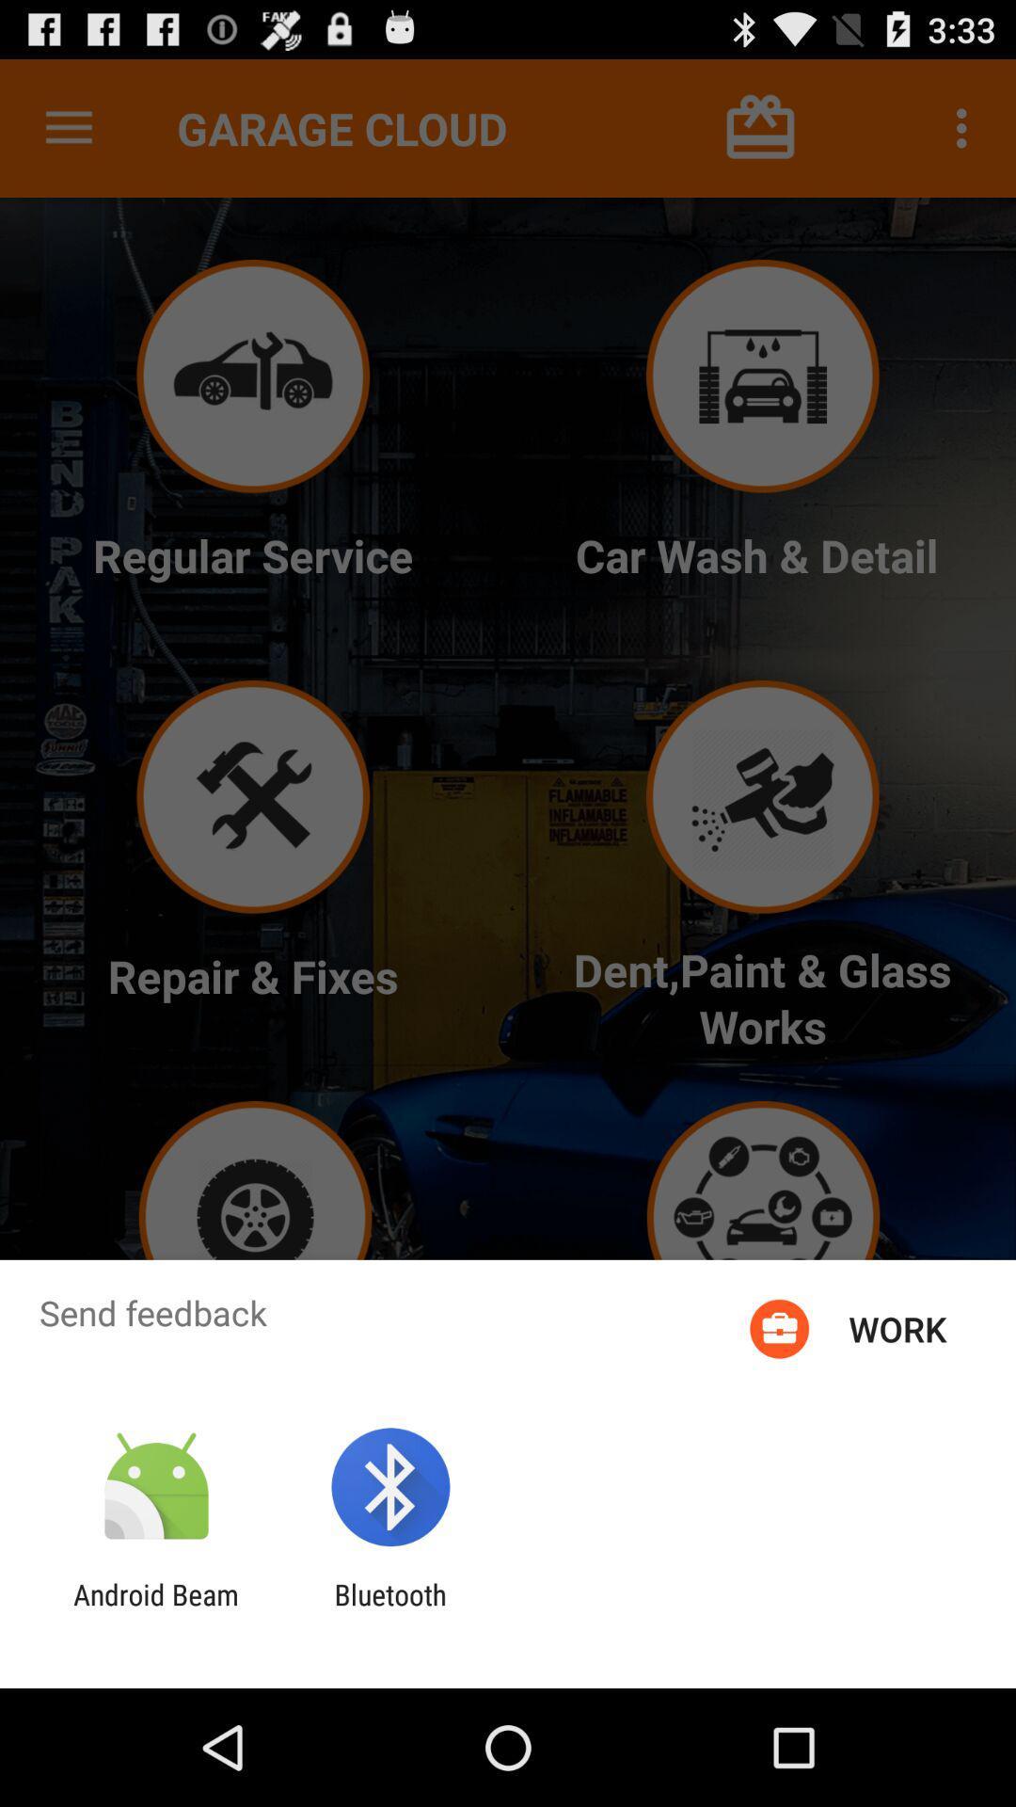 The image size is (1016, 1807). What do you see at coordinates (389, 1610) in the screenshot?
I see `the icon to the right of the android beam` at bounding box center [389, 1610].